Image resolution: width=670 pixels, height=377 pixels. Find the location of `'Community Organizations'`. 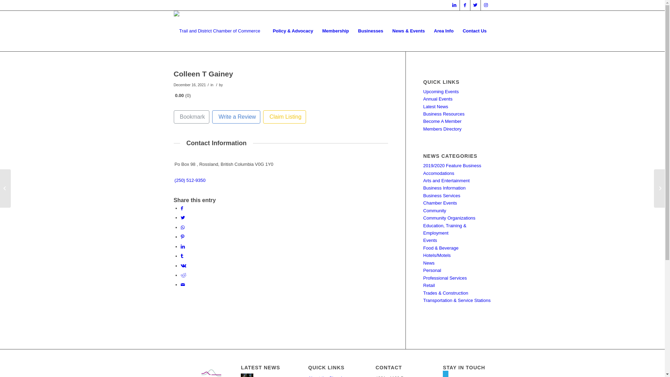

'Community Organizations' is located at coordinates (449, 217).